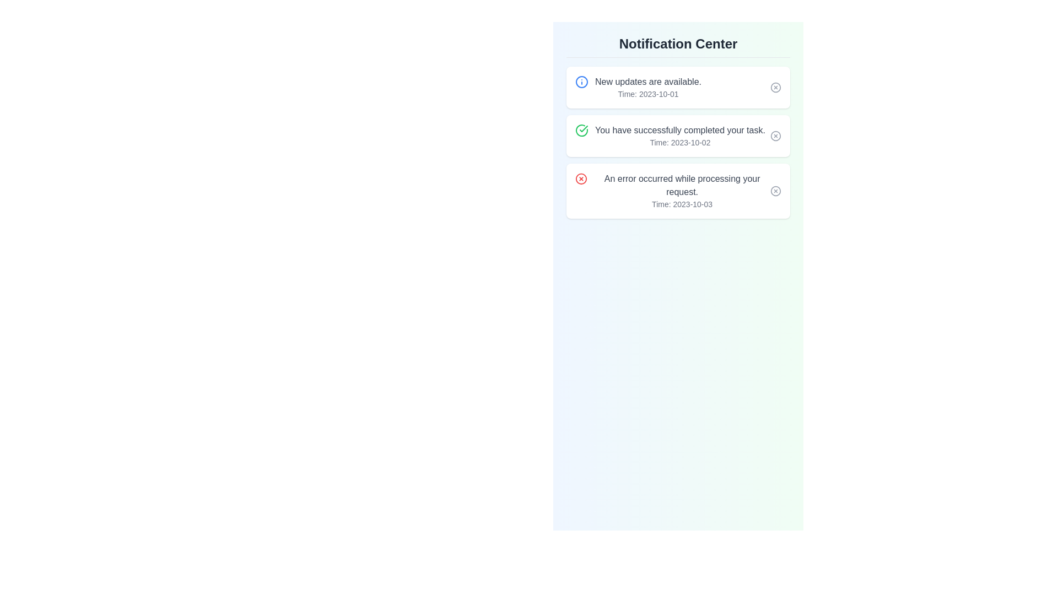 This screenshot has width=1058, height=595. What do you see at coordinates (581, 129) in the screenshot?
I see `the circular icon with a green border and a white center containing a green checkmark, located to the left of the text 'You have successfully completed your task.'` at bounding box center [581, 129].